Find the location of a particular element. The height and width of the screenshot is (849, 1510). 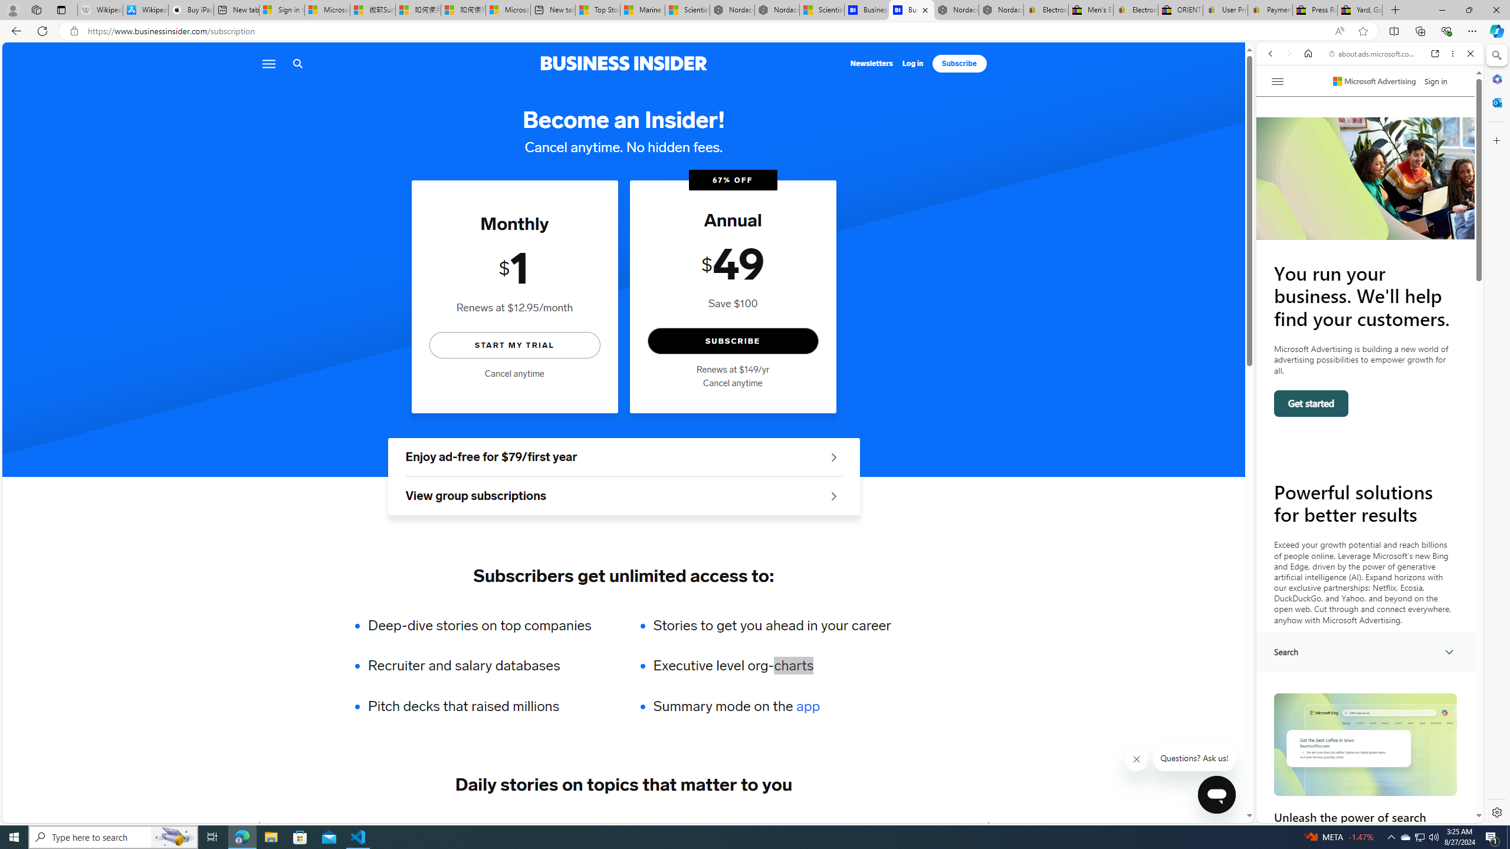

'Class: sc-1k07fow-1 cbnSms' is located at coordinates (1216, 794).